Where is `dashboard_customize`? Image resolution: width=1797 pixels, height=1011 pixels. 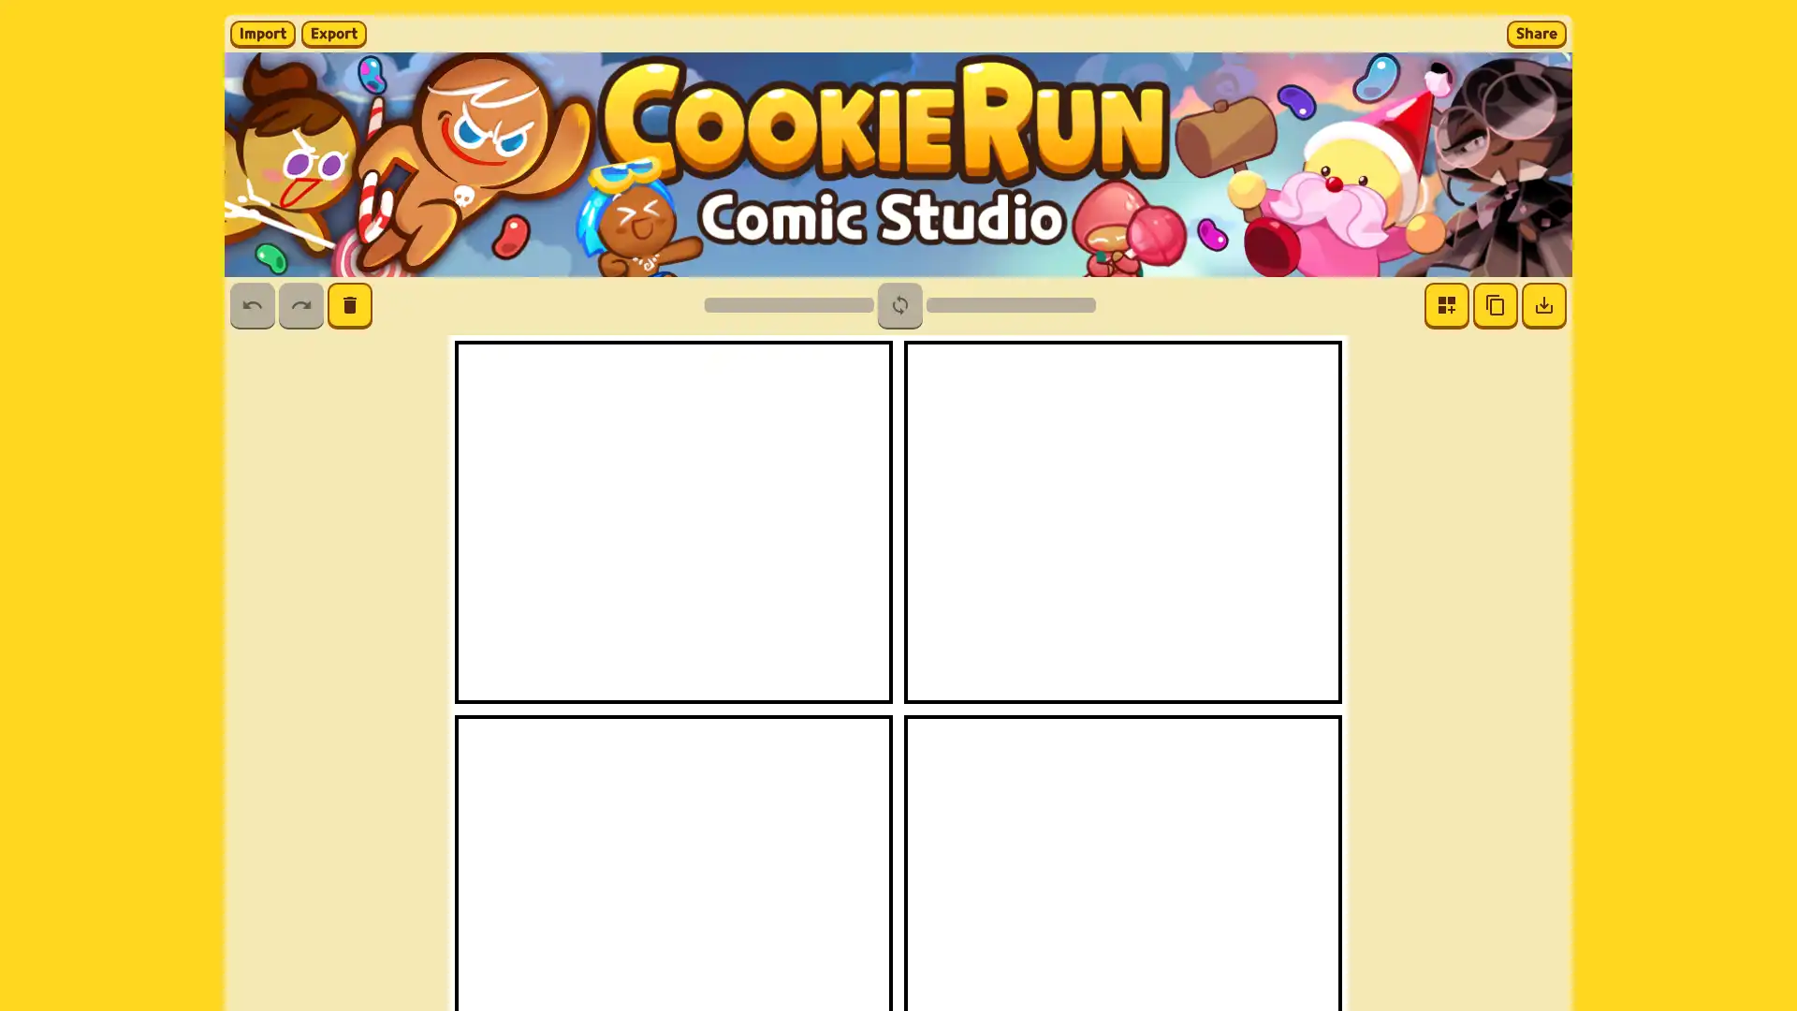 dashboard_customize is located at coordinates (1445, 304).